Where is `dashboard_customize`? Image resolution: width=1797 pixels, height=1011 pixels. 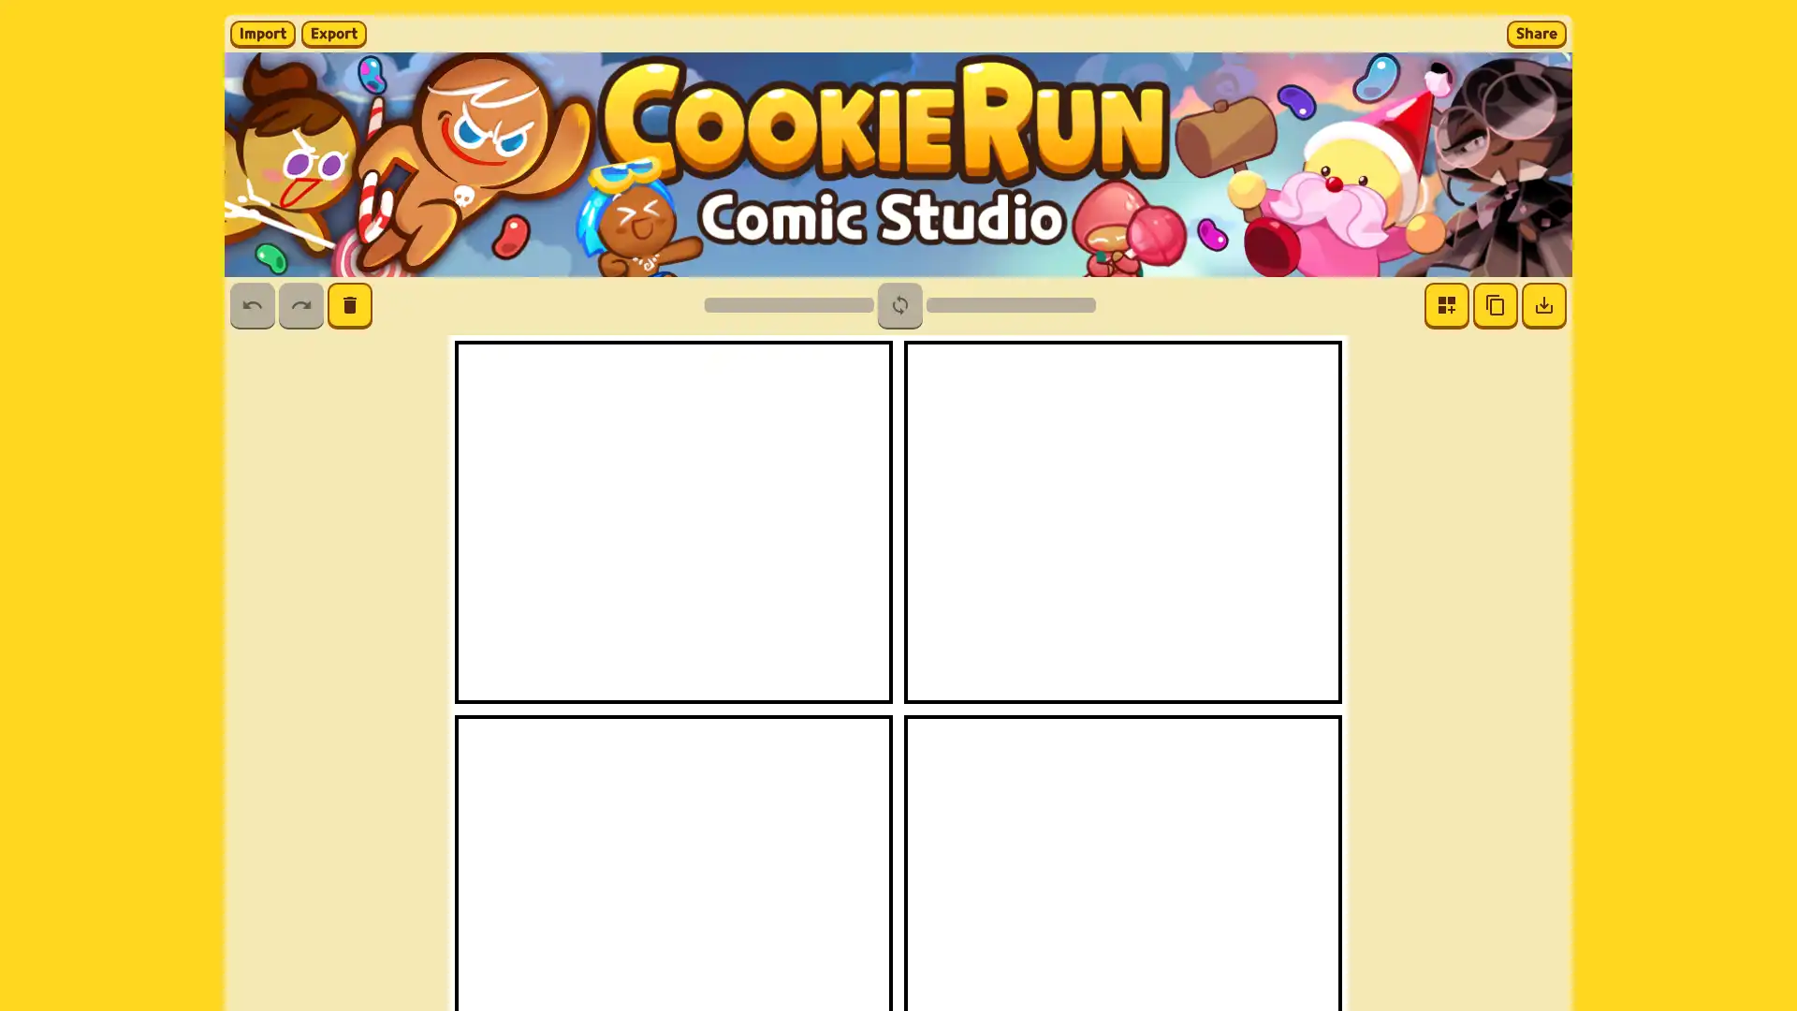 dashboard_customize is located at coordinates (1445, 304).